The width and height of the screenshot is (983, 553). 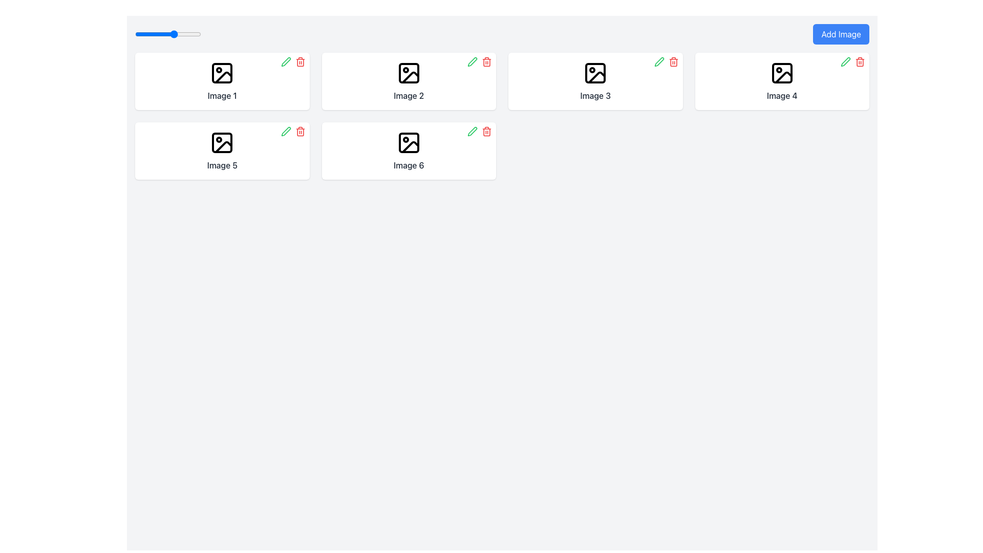 What do you see at coordinates (408, 72) in the screenshot?
I see `the rounded rectangle graphical shape that serves as a decorative or structural component of the image icon` at bounding box center [408, 72].